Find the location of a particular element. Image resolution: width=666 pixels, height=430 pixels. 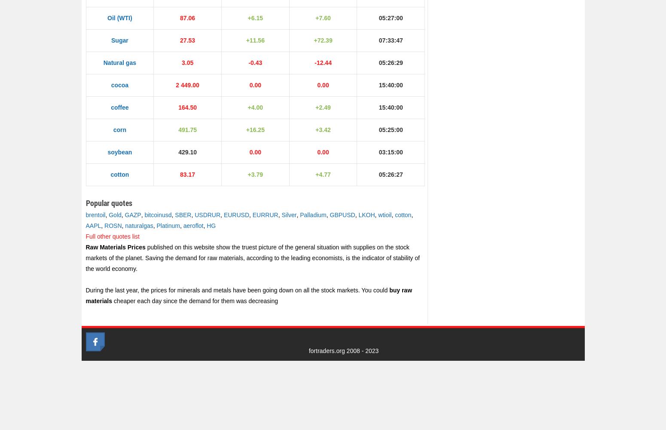

'05:26:27' is located at coordinates (391, 175).